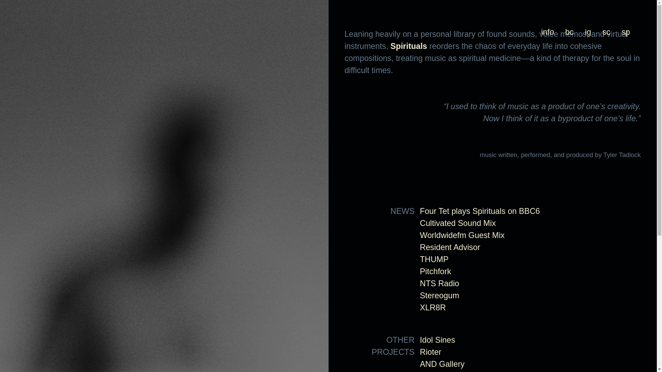  I want to click on 'sc', so click(606, 32).